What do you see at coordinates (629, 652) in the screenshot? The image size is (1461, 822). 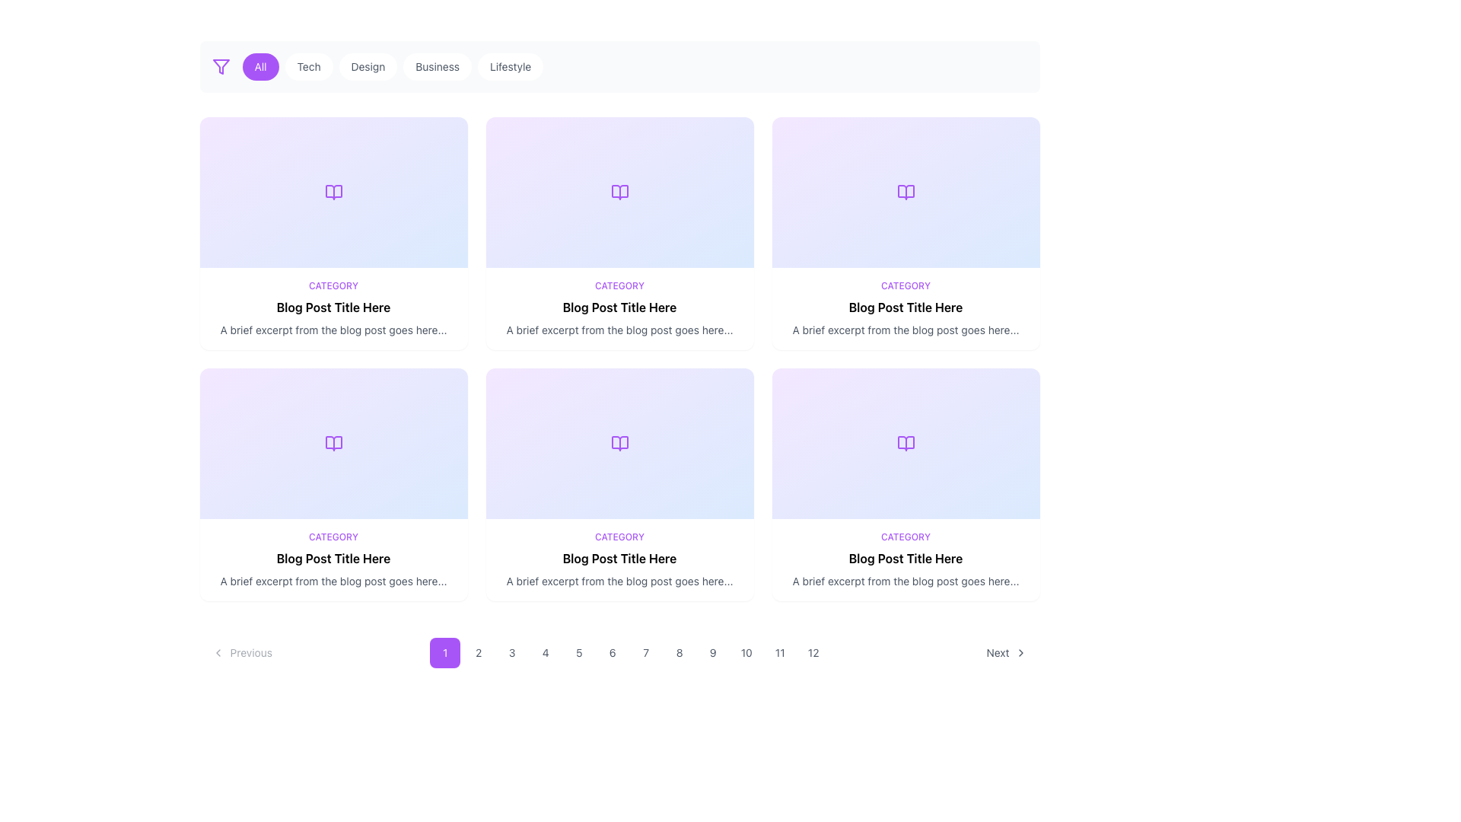 I see `the seventh number in the clickable numeric pagination element` at bounding box center [629, 652].